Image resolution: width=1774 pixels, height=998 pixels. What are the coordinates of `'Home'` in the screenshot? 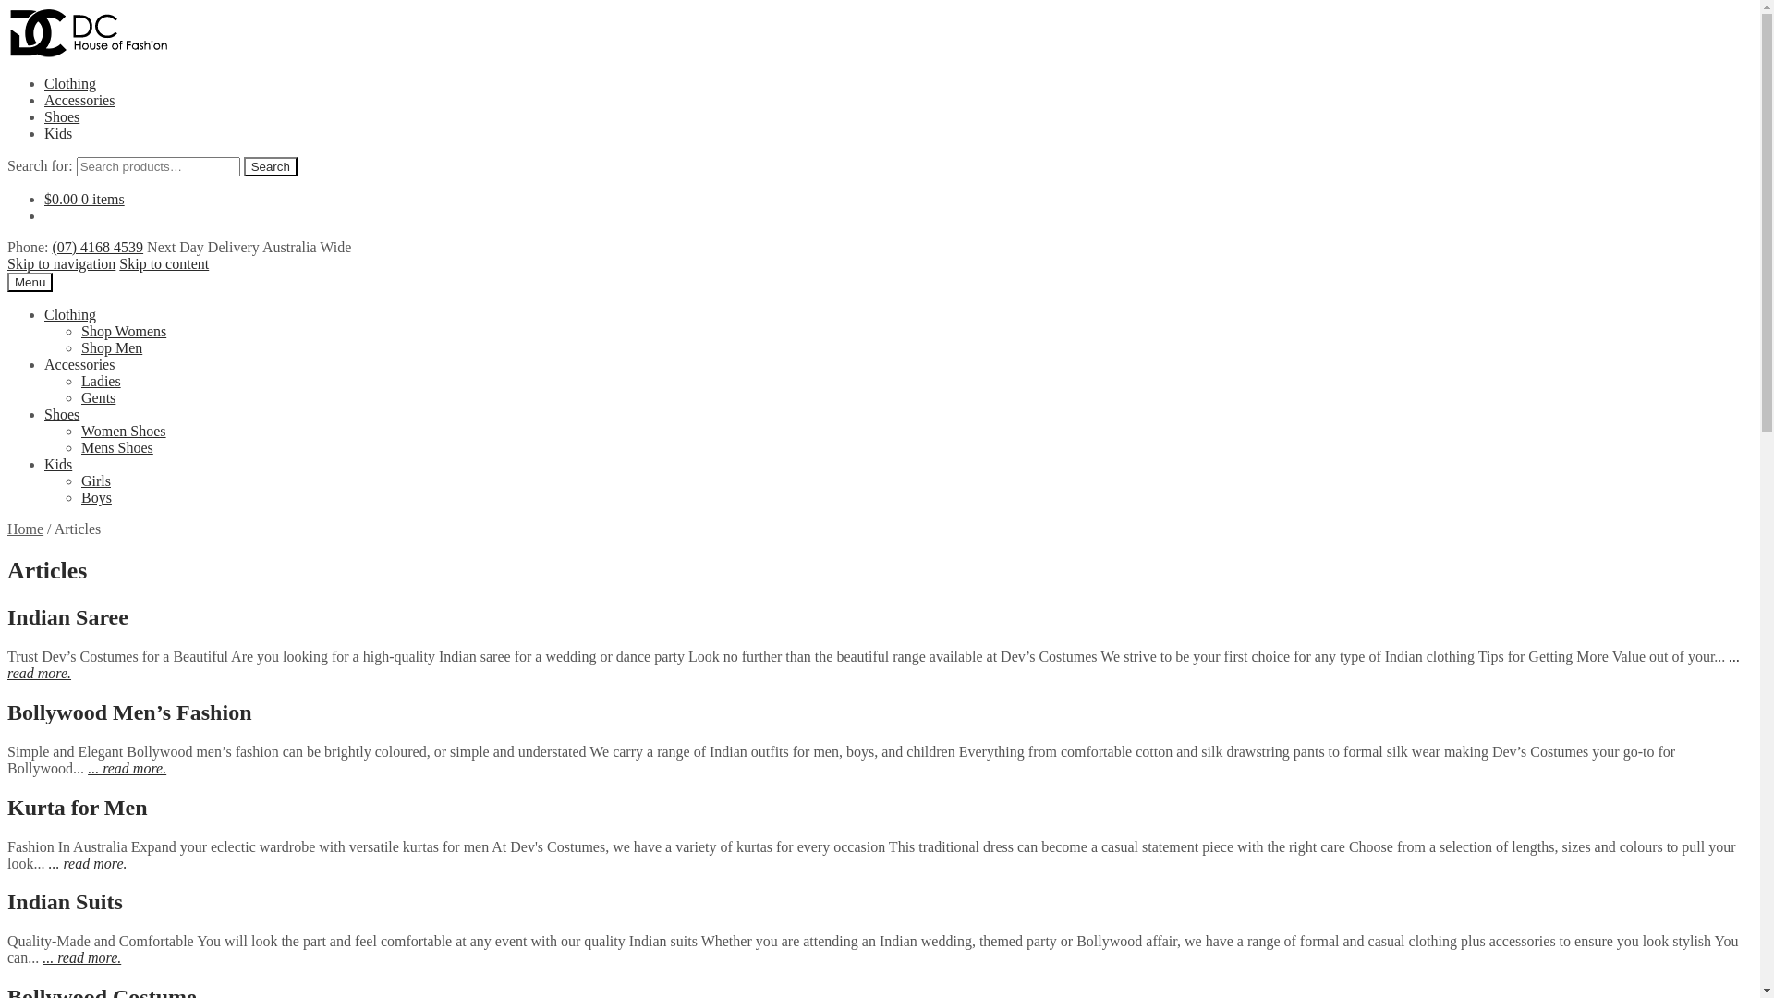 It's located at (25, 529).